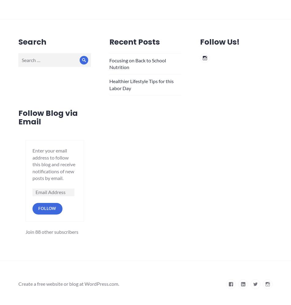  I want to click on 'Follow', so click(47, 208).